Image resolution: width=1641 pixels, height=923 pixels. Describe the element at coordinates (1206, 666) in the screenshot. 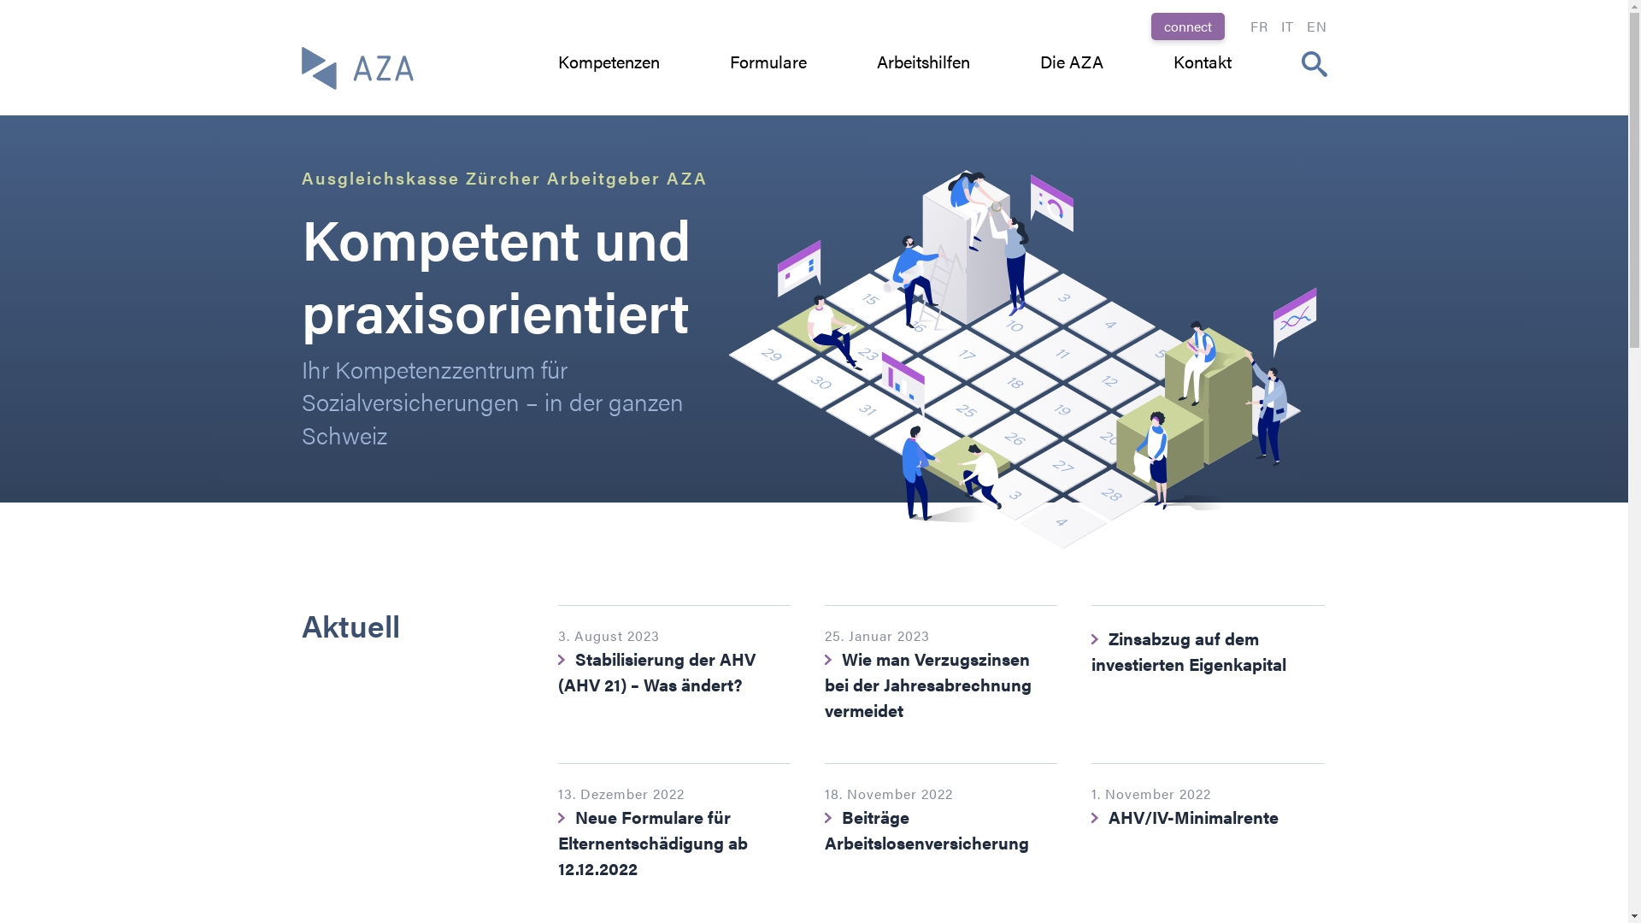

I see `'Zinsabzug auf dem investierten Eigenkapital'` at that location.